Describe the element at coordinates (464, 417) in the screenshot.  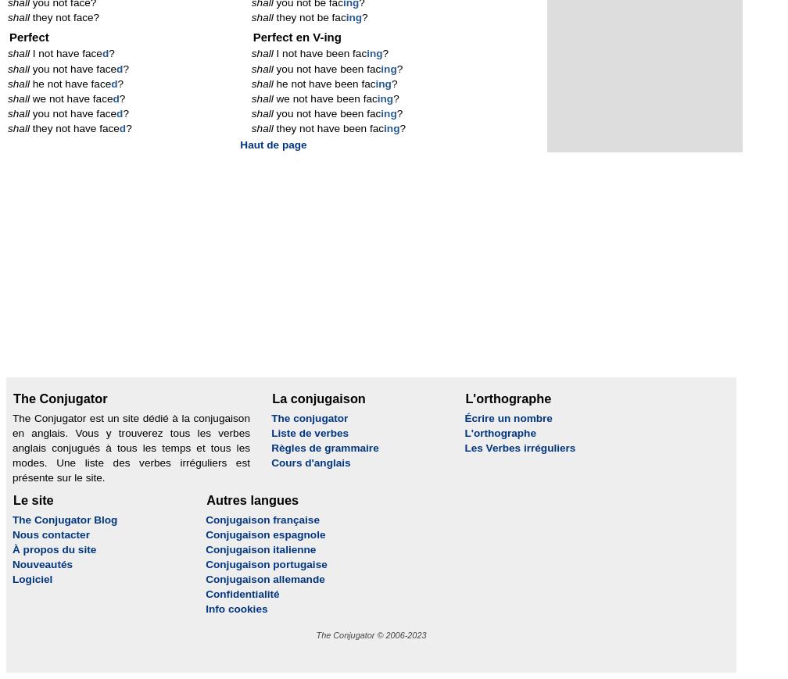
I see `'Écrire un nombre'` at that location.